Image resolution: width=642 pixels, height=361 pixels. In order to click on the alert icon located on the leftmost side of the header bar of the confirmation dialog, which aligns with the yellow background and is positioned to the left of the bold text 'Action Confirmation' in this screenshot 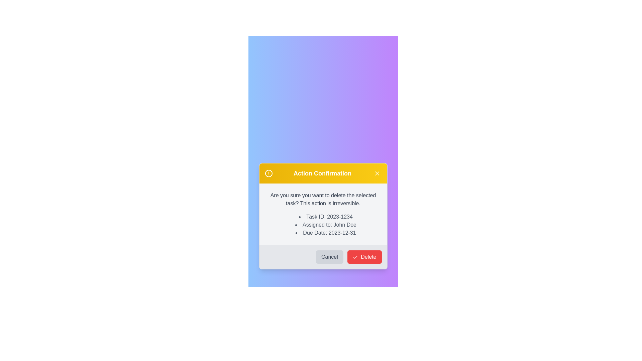, I will do `click(269, 173)`.